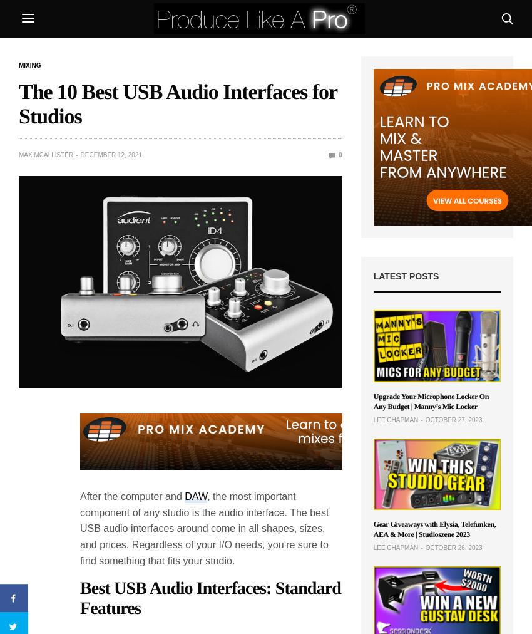  I want to click on 'Upgrade Your Microphone Locker On Any Budget | Manny’s Mic Locker', so click(372, 400).